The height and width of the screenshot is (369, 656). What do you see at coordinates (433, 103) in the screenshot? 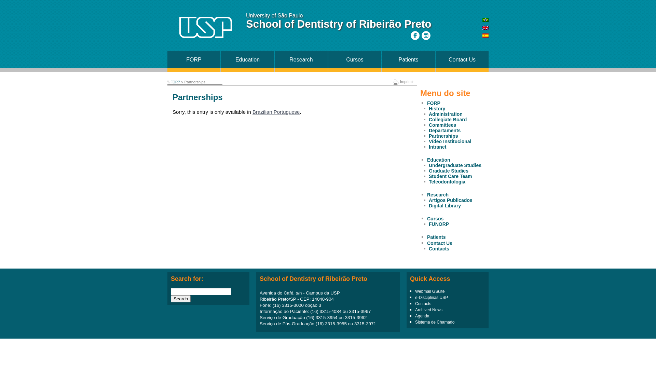
I see `'FORP'` at bounding box center [433, 103].